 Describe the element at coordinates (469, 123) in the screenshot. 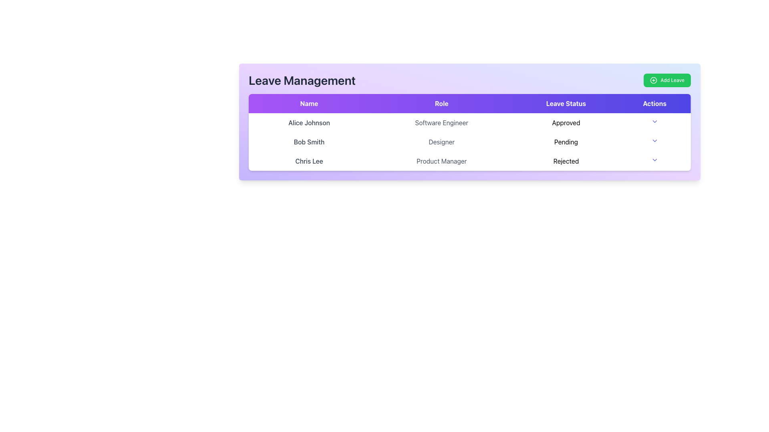

I see `the tabular row displaying information about 'Alice Johnson', a Software Engineer with an Approved status, located in the Leave Management section` at that location.